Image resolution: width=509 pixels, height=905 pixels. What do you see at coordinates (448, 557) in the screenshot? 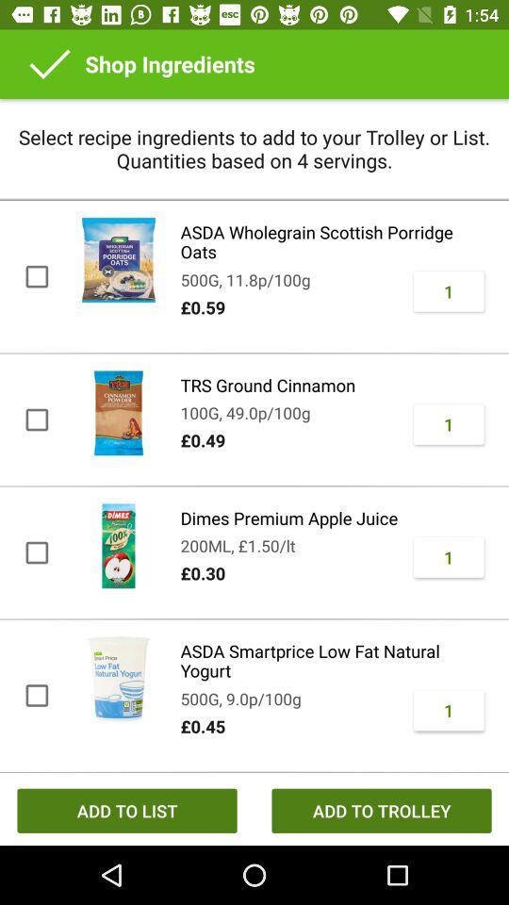
I see `digit 1 to the left of dimes premium apple juice text` at bounding box center [448, 557].